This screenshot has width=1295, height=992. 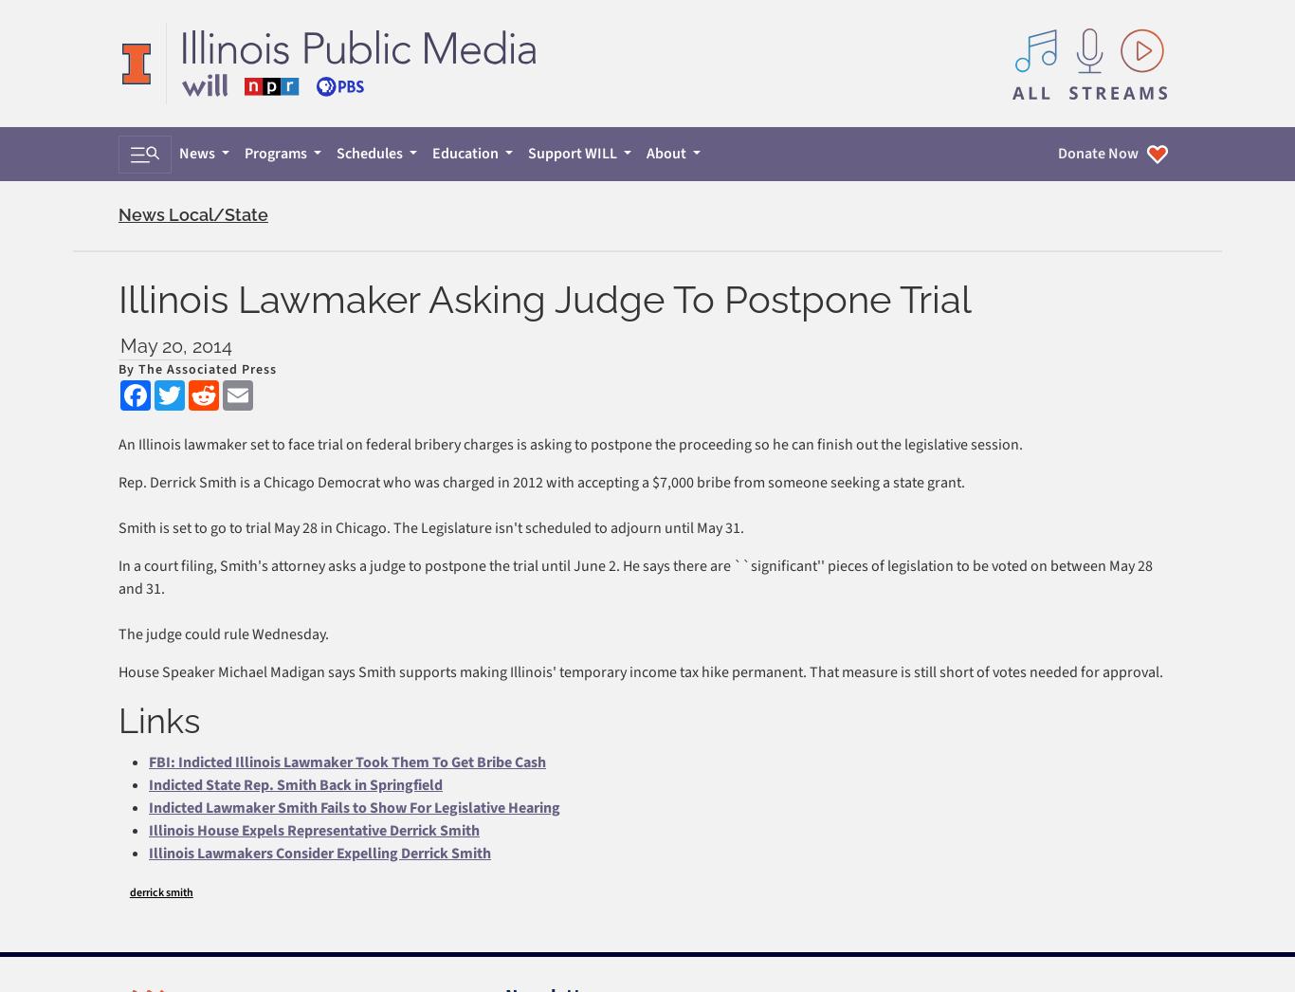 What do you see at coordinates (155, 222) in the screenshot?
I see `'300 N. Goodwin'` at bounding box center [155, 222].